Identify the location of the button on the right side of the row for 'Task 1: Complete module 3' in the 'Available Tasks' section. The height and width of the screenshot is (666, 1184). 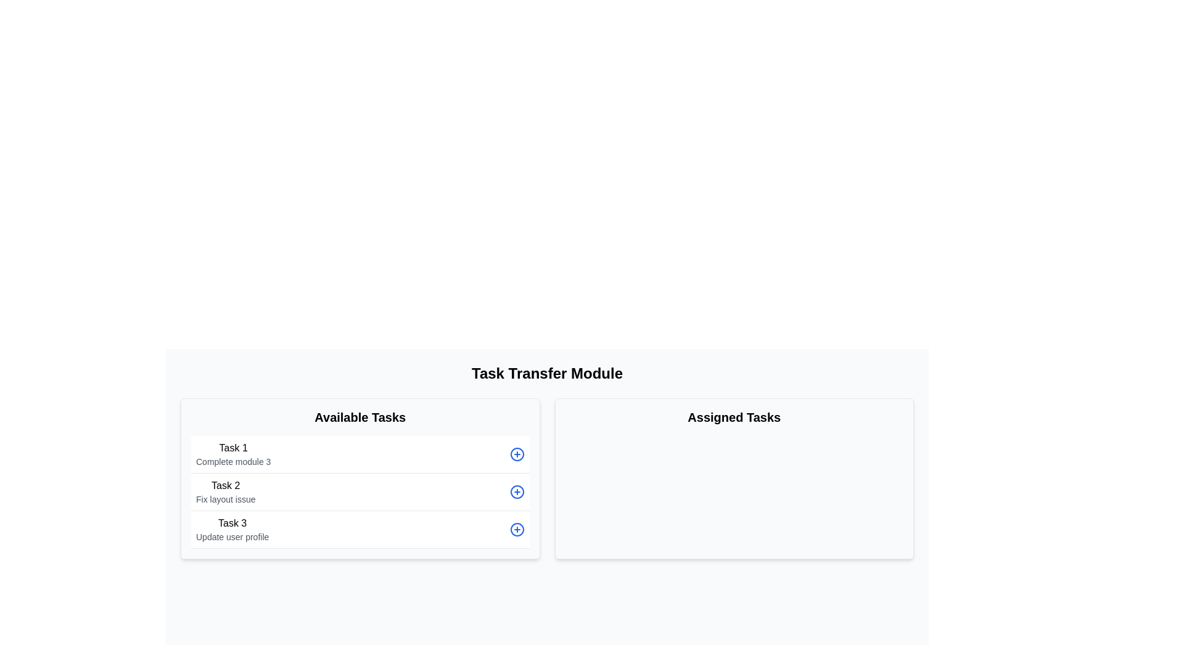
(517, 454).